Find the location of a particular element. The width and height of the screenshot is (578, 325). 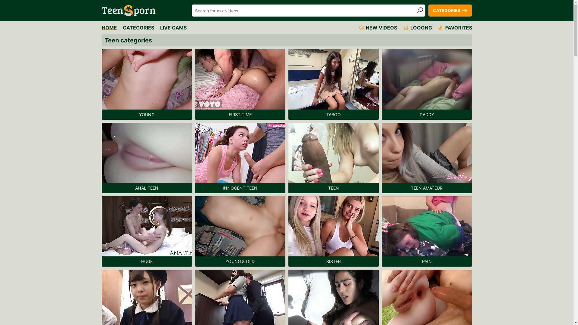

'HUGE' is located at coordinates (147, 231).